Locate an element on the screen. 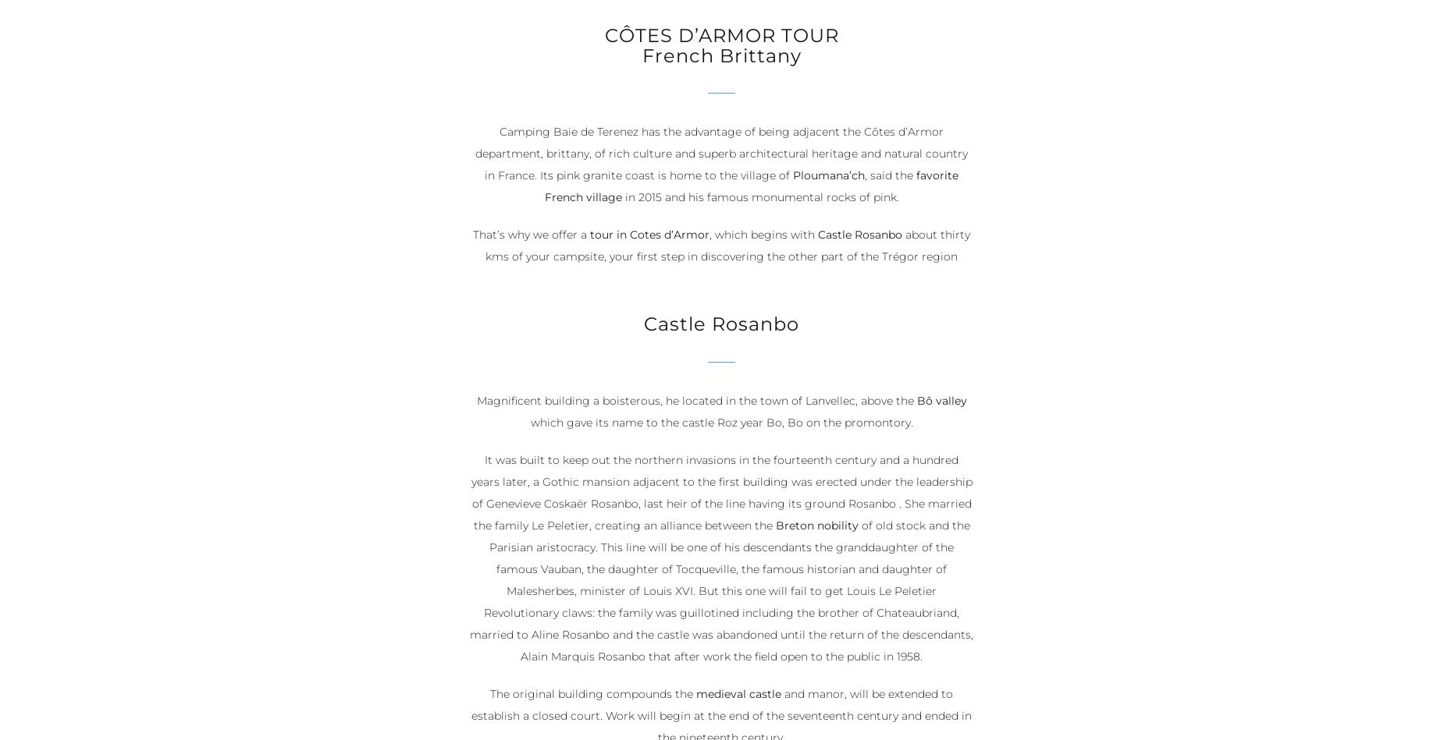 This screenshot has width=1444, height=740. 'of old stock and the Parisian aristocracy. This line will be one of his descendants the granddaughter of the famous Vauban, the daughter of Tocqueville, the famous historian and daughter of Malesherbes, minister of Louis XVI. But this one will fail to get Louis Le Peletier Revolutionary claws: the family was guillotined including the brother of Chateaubriand, married to Aline Rosanbo and the castle was abandoned until the return of the descendants, Alain Marquis Rosanbo that after work the field open to the public in 1958.' is located at coordinates (721, 592).